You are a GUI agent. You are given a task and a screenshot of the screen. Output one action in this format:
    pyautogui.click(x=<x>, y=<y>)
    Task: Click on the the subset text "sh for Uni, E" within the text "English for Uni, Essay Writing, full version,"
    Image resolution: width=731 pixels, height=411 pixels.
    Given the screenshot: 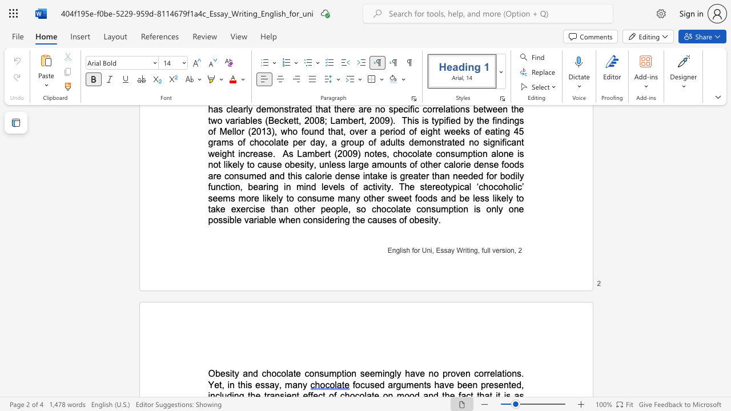 What is the action you would take?
    pyautogui.click(x=403, y=249)
    